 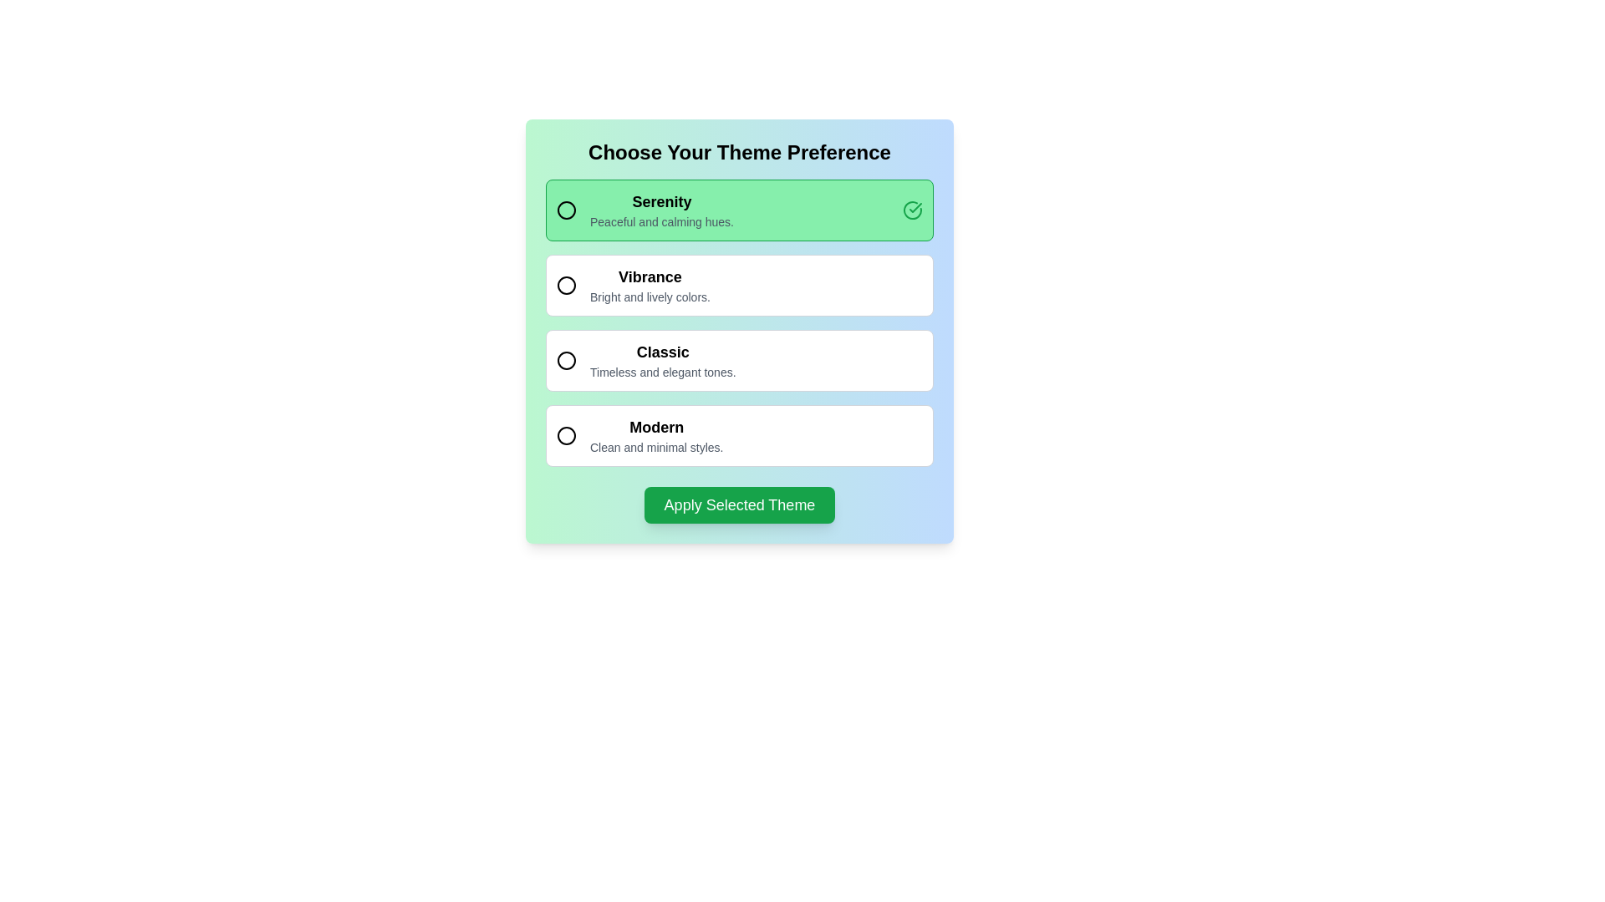 What do you see at coordinates (566, 360) in the screenshot?
I see `the circular radio button indicator` at bounding box center [566, 360].